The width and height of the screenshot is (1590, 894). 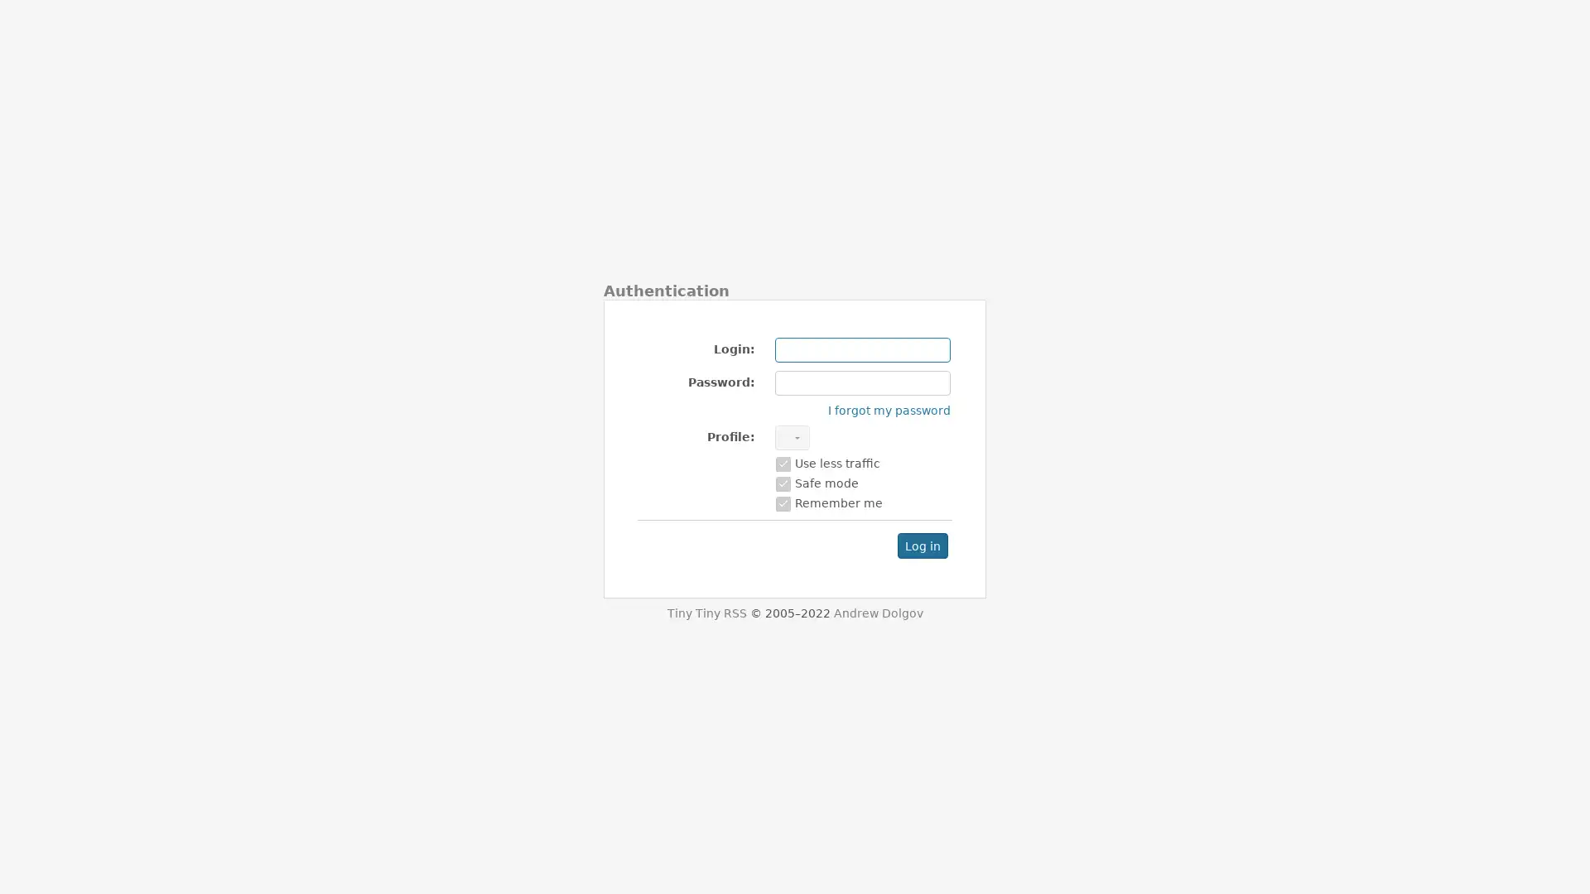 I want to click on Log in, so click(x=922, y=545).